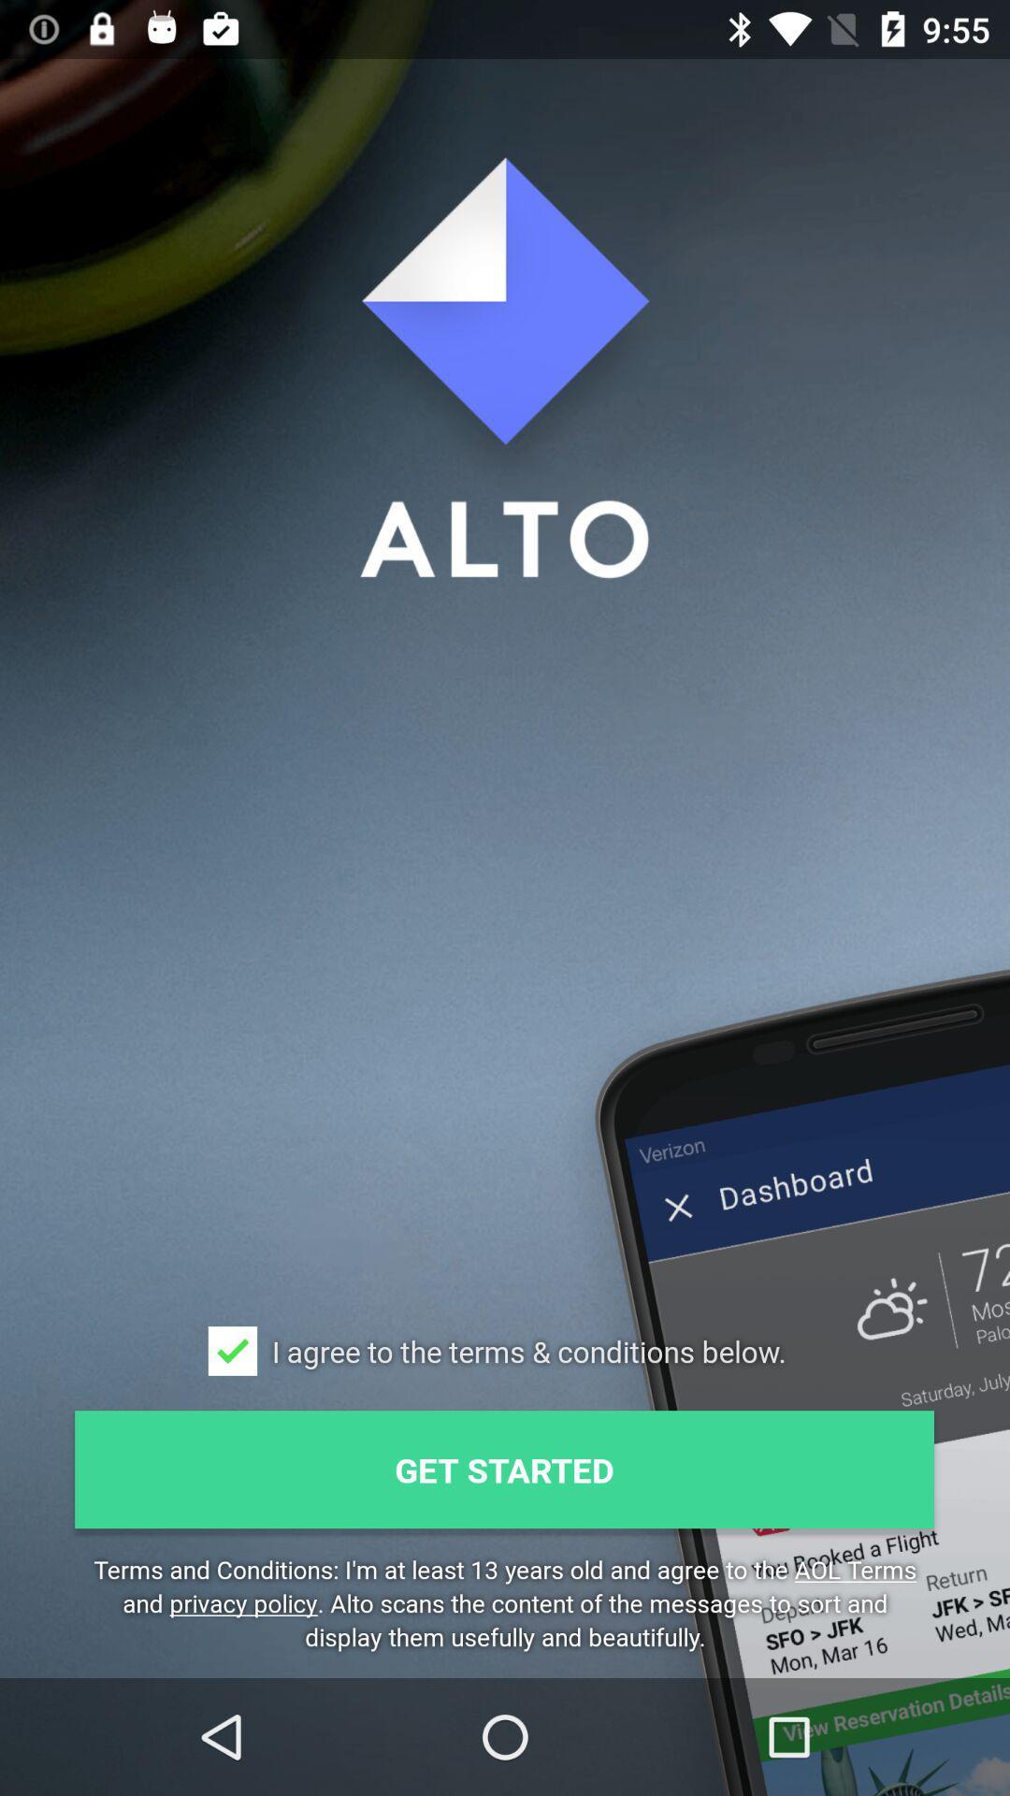 This screenshot has height=1796, width=1010. What do you see at coordinates (503, 1469) in the screenshot?
I see `the item above terms and conditions icon` at bounding box center [503, 1469].